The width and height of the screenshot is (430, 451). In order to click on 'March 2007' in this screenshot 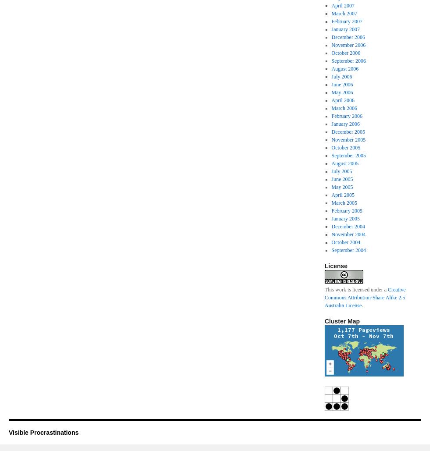, I will do `click(344, 13)`.